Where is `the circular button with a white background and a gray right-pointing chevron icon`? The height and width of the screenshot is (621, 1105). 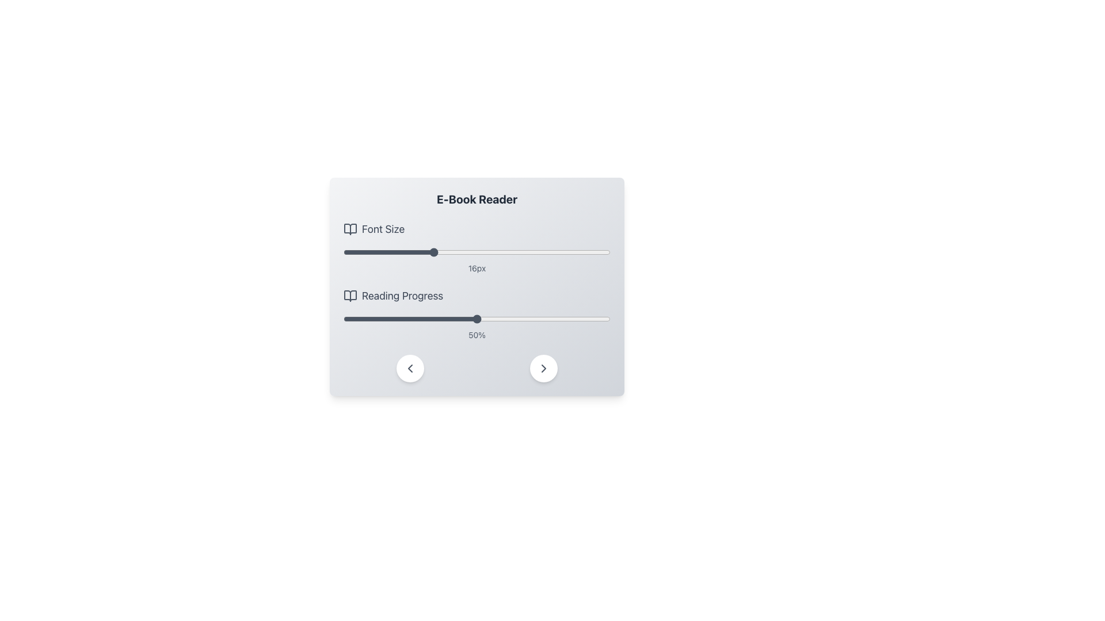
the circular button with a white background and a gray right-pointing chevron icon is located at coordinates (543, 368).